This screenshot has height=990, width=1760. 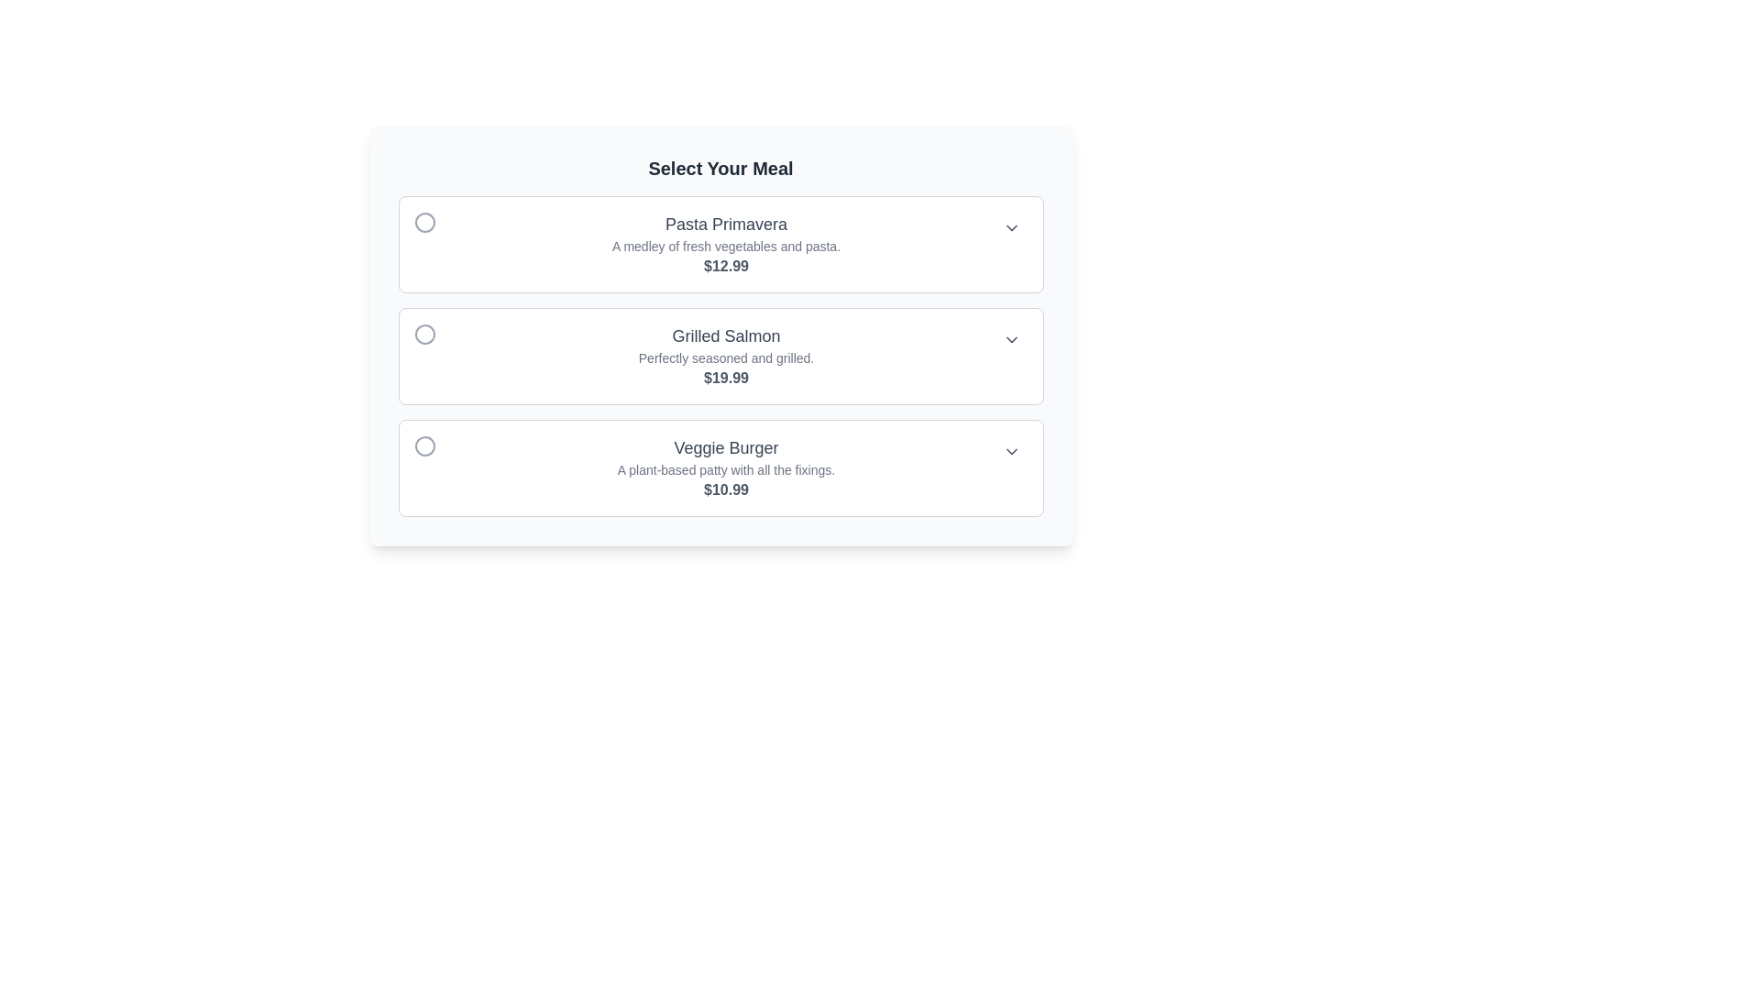 I want to click on the small rectangular button with a chevron-down icon located in the upper-right corner of the 'Pasta Primavera' meal option card, so click(x=1010, y=227).